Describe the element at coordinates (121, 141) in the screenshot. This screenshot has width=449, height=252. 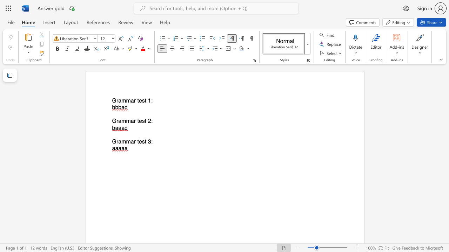
I see `the subset text "mmar te" within the text "Grammar test 3:"` at that location.